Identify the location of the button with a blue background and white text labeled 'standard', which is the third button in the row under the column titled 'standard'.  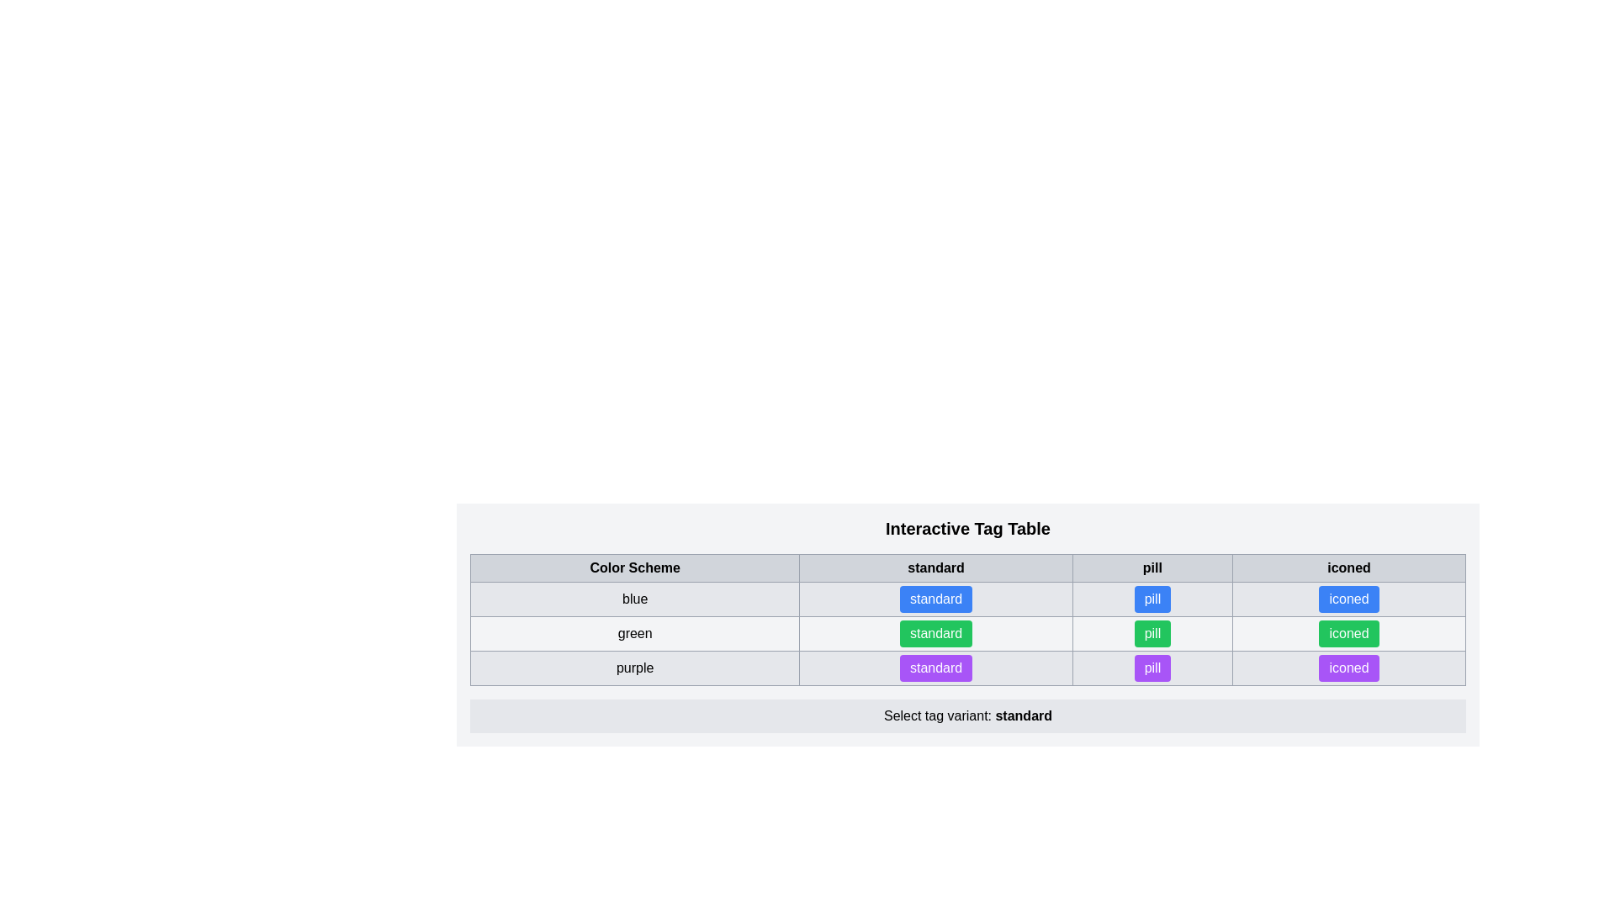
(968, 599).